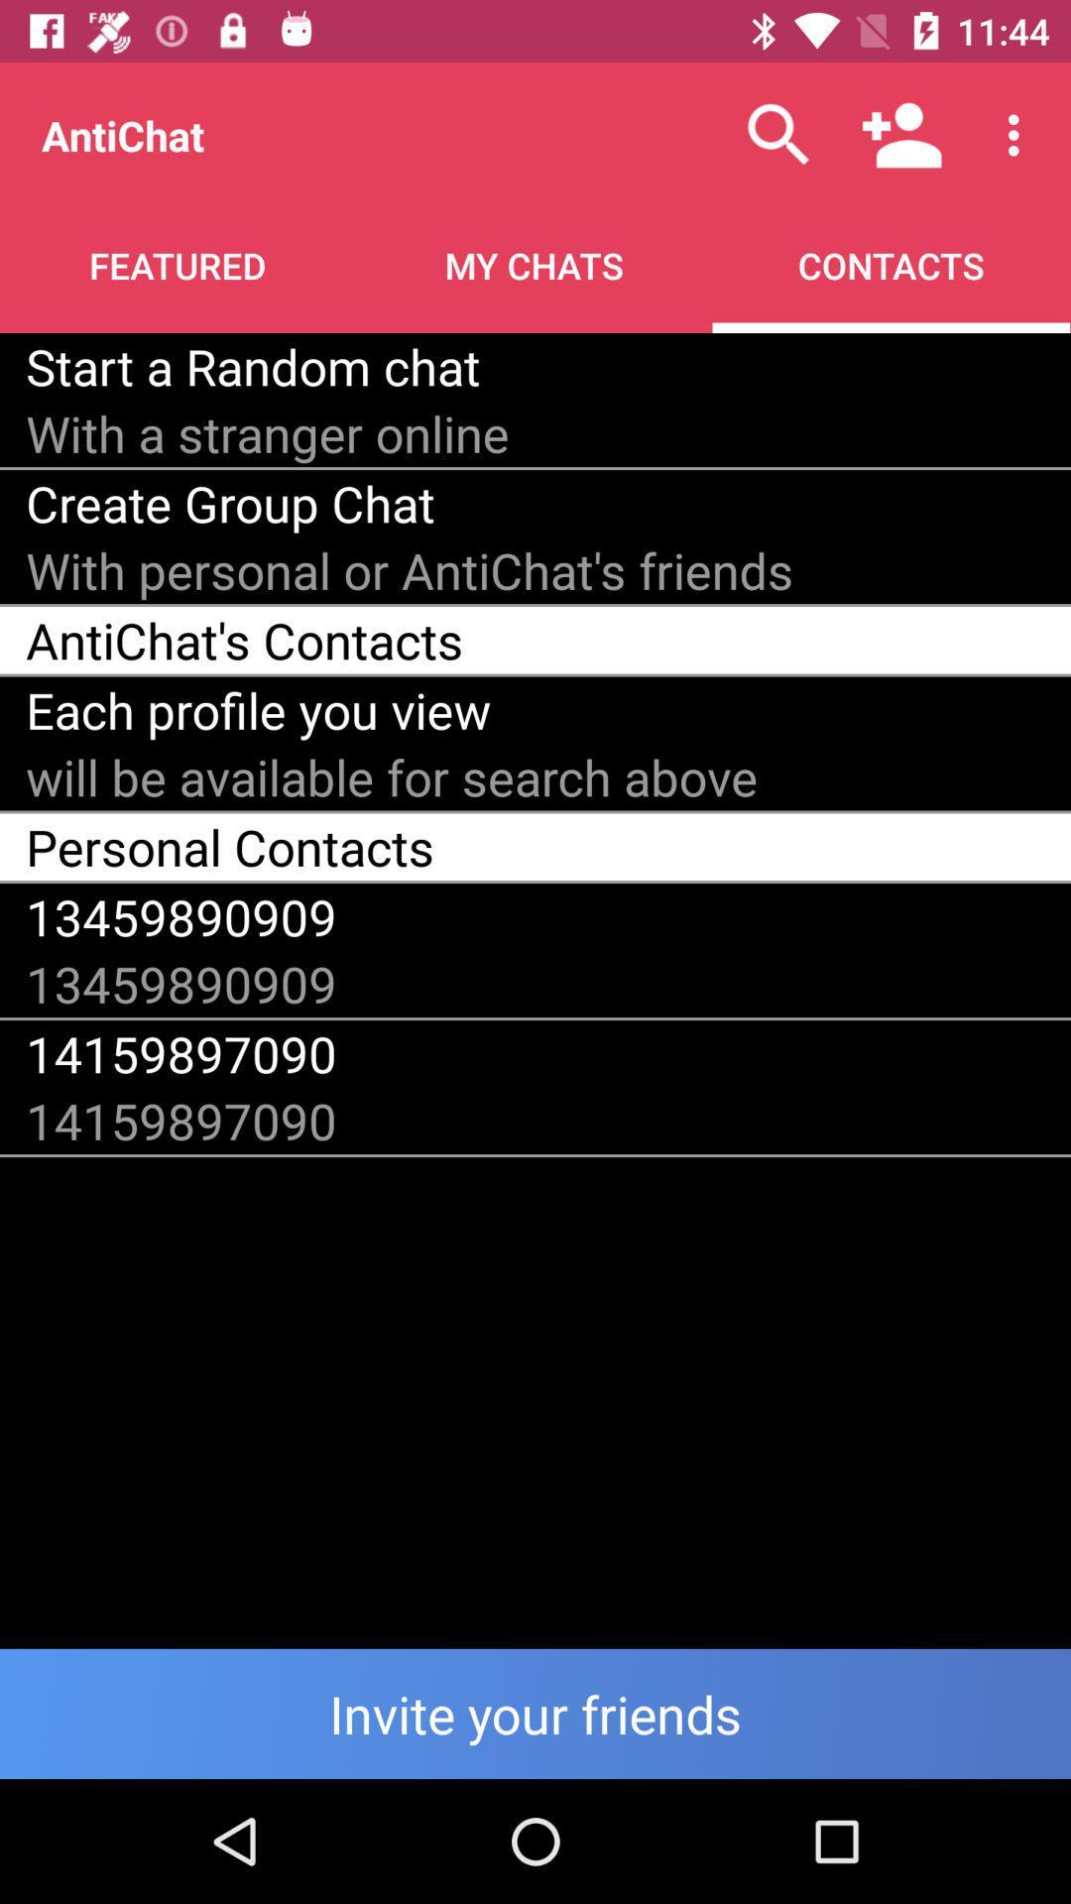 This screenshot has height=1904, width=1071. Describe the element at coordinates (535, 1713) in the screenshot. I see `open invite option invite a friend` at that location.